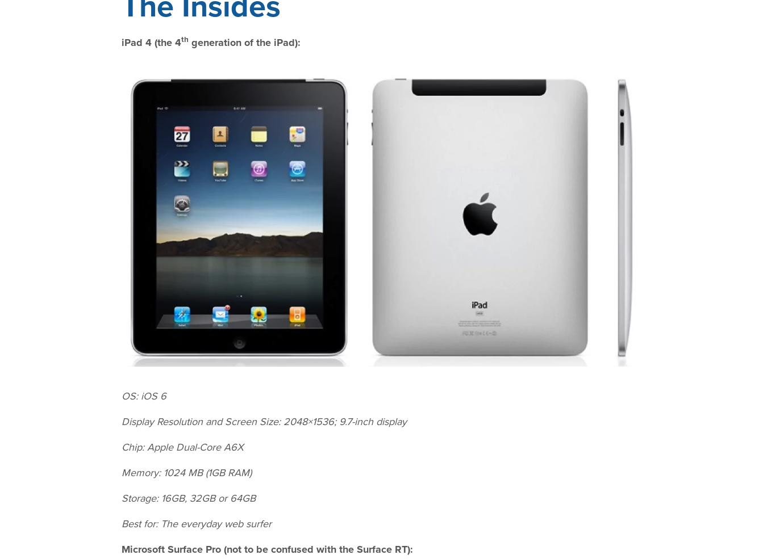 This screenshot has height=559, width=767. Describe the element at coordinates (189, 339) in the screenshot. I see `'AIS Leads App-in-a-Day (AIAD) Workshop at Microsoft Reston'` at that location.